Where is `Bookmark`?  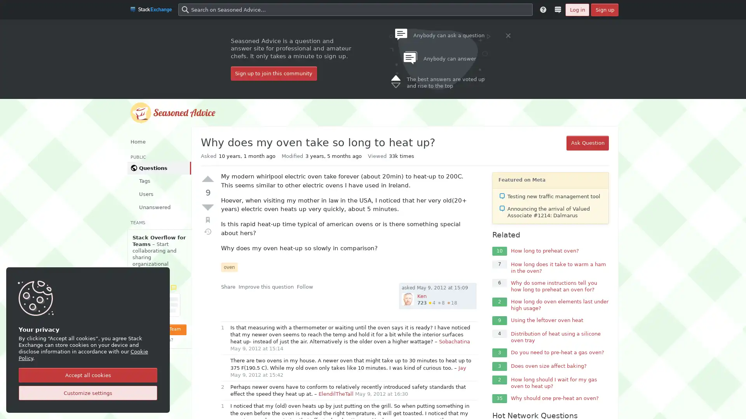
Bookmark is located at coordinates (207, 220).